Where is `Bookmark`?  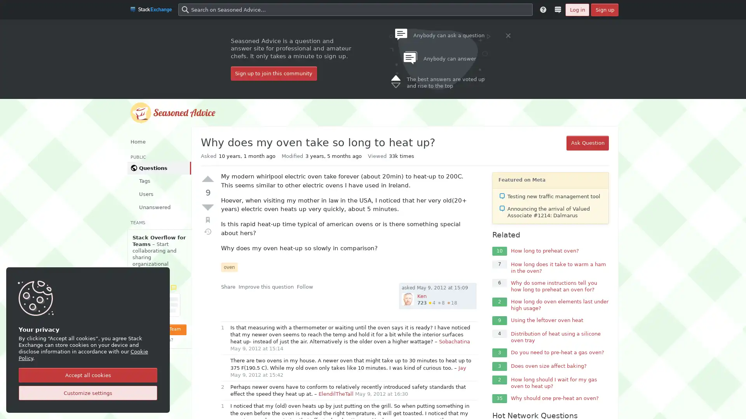
Bookmark is located at coordinates (207, 220).